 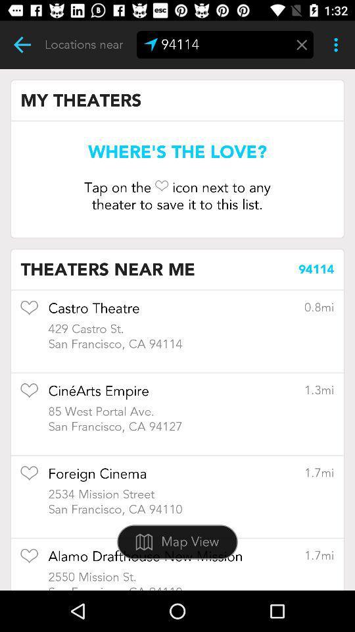 I want to click on click the heart, so click(x=29, y=560).